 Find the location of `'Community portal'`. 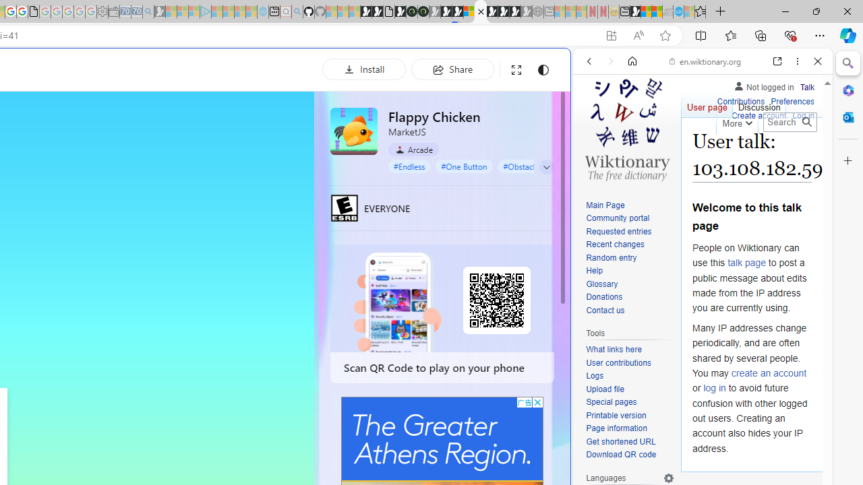

'Community portal' is located at coordinates (617, 218).